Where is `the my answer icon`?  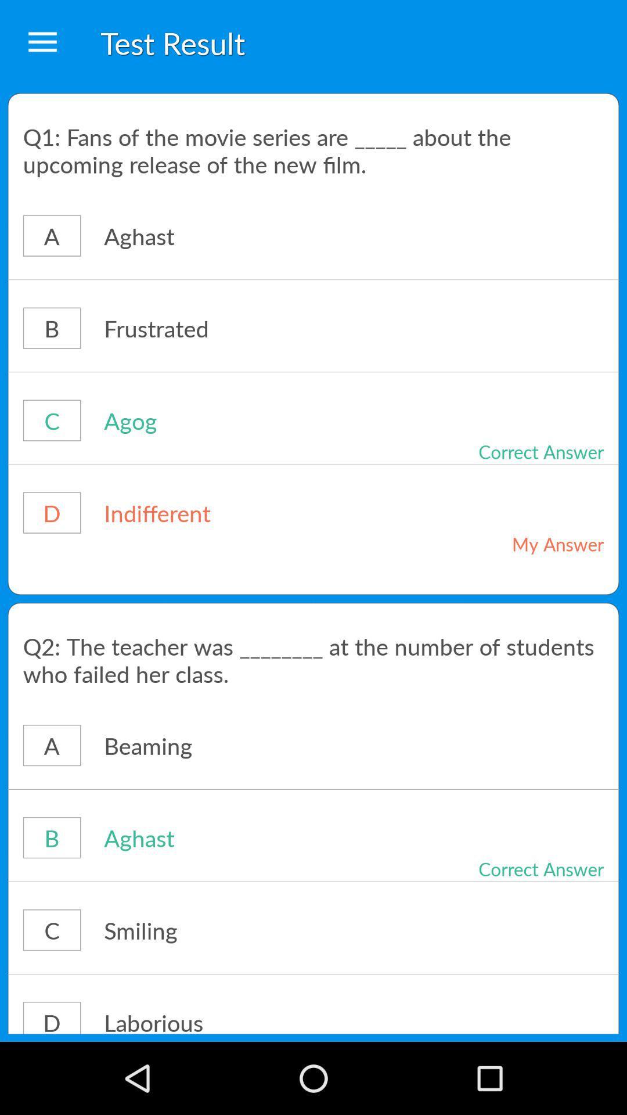 the my answer icon is located at coordinates (516, 543).